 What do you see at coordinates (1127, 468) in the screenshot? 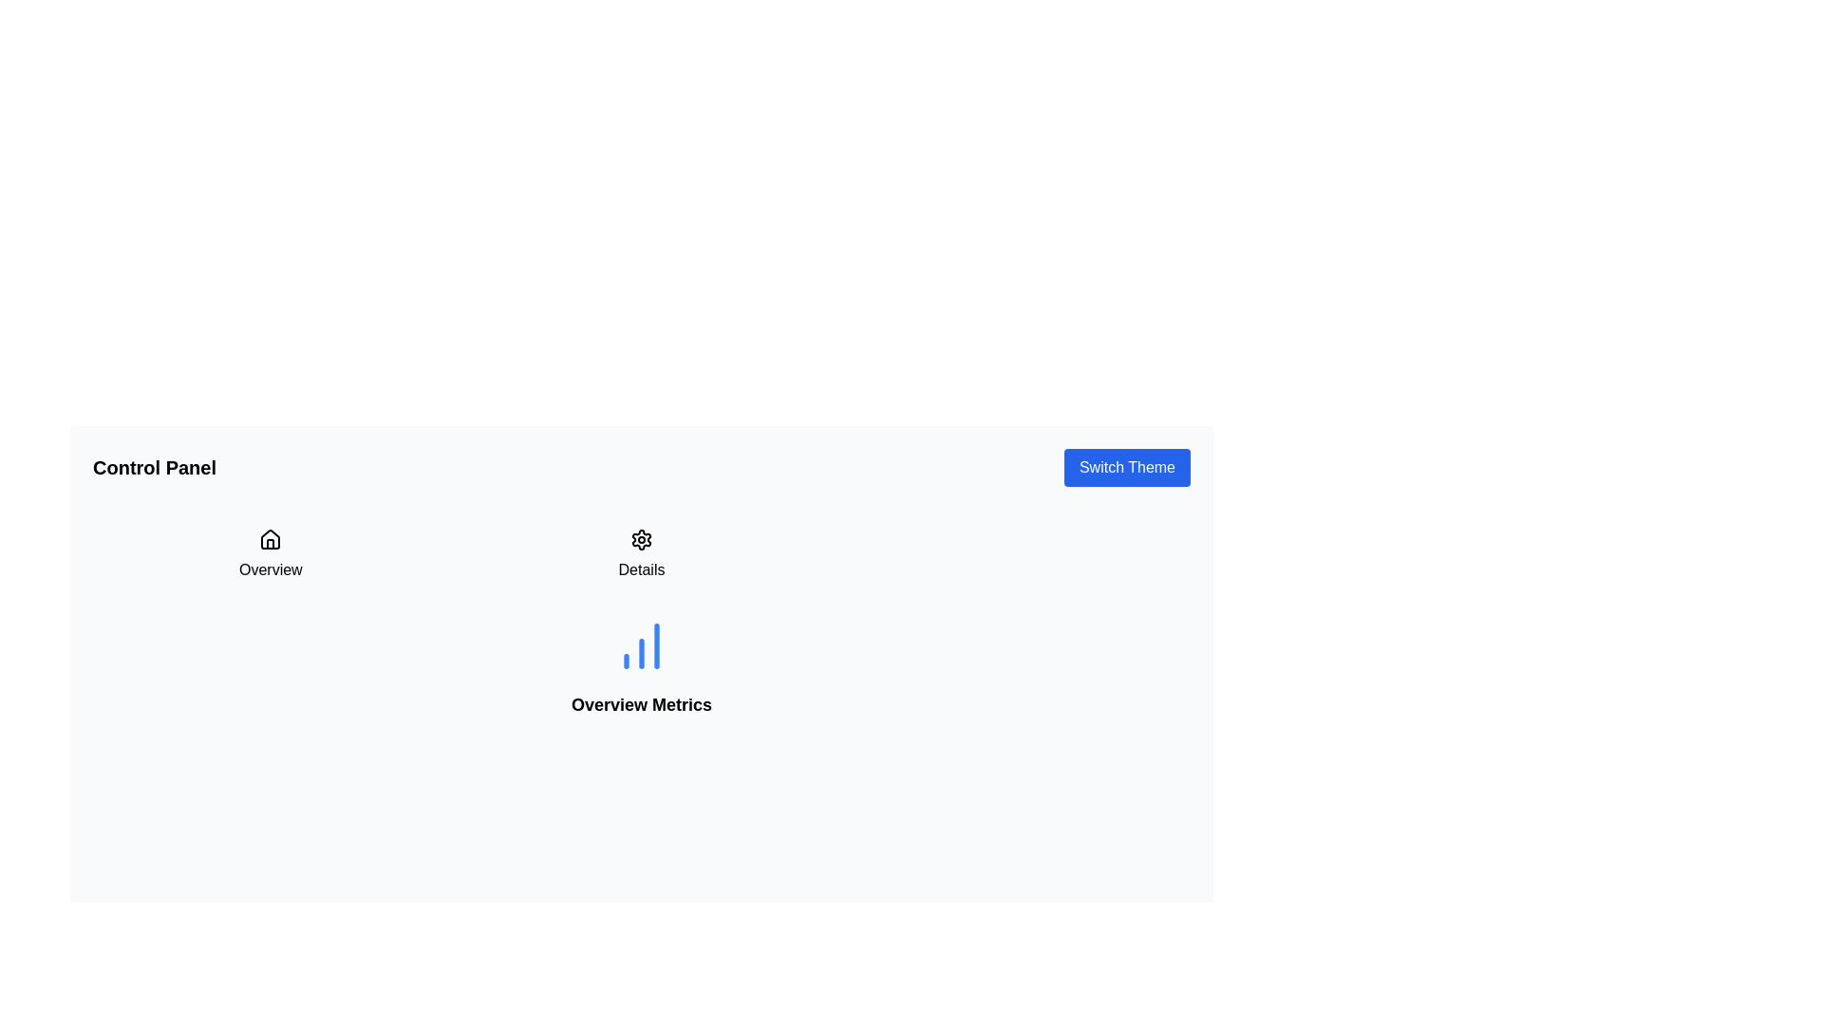
I see `the 'Switch Theme' button, which is a rectangular button with a blue background and white text, to observe the background color change` at bounding box center [1127, 468].